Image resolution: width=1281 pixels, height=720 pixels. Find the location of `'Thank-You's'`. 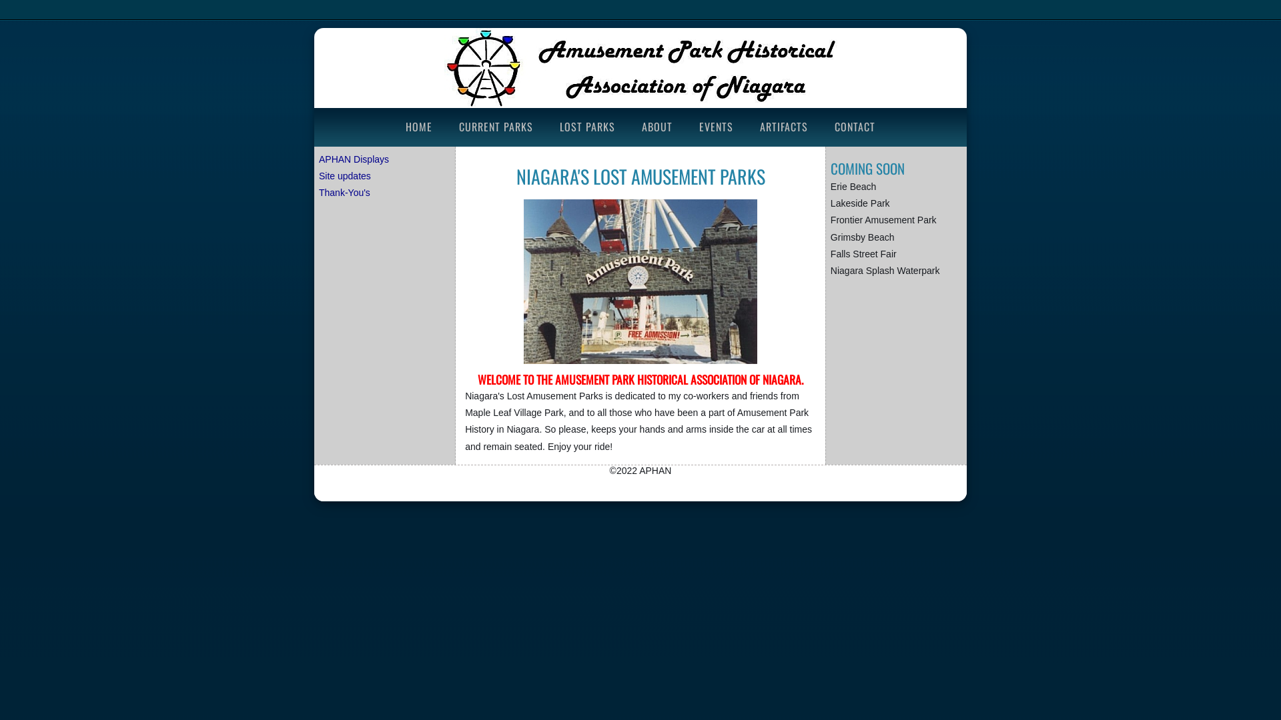

'Thank-You's' is located at coordinates (344, 193).